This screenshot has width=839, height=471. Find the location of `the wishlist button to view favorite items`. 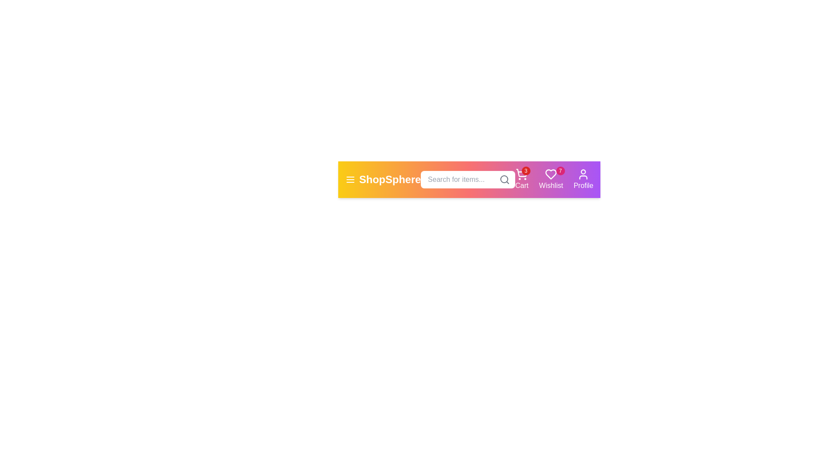

the wishlist button to view favorite items is located at coordinates (551, 179).